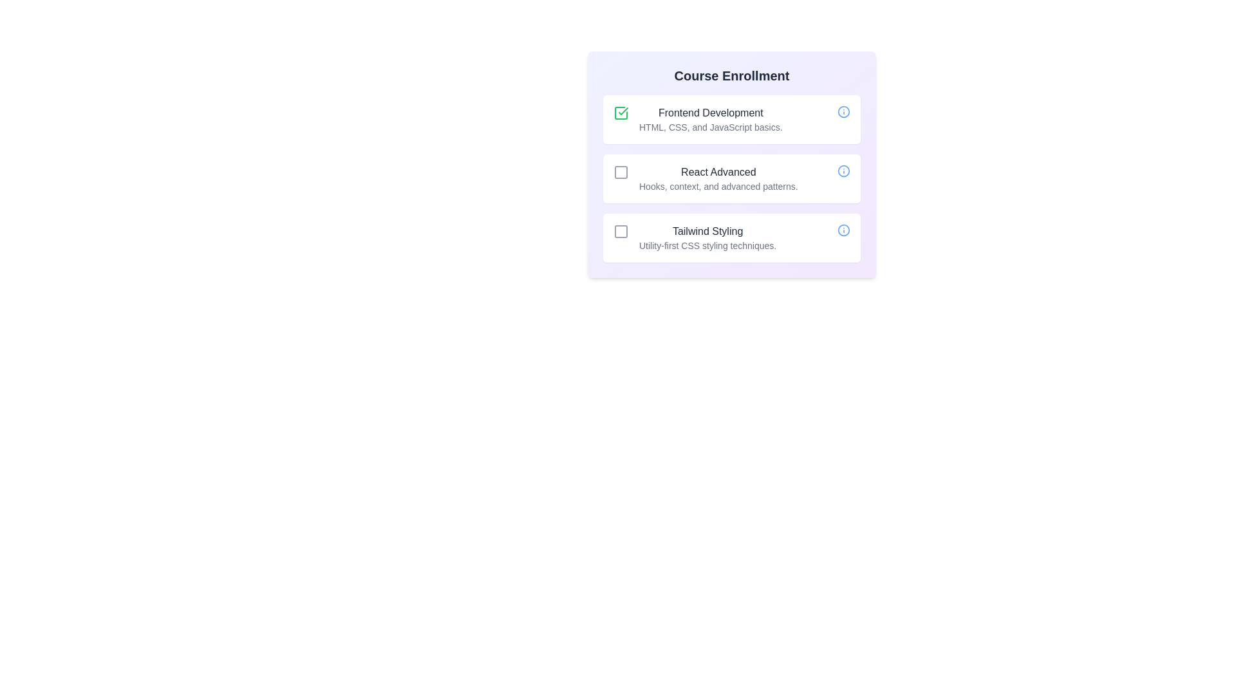 This screenshot has height=695, width=1236. I want to click on the text element displaying 'Frontend Development', so click(710, 113).